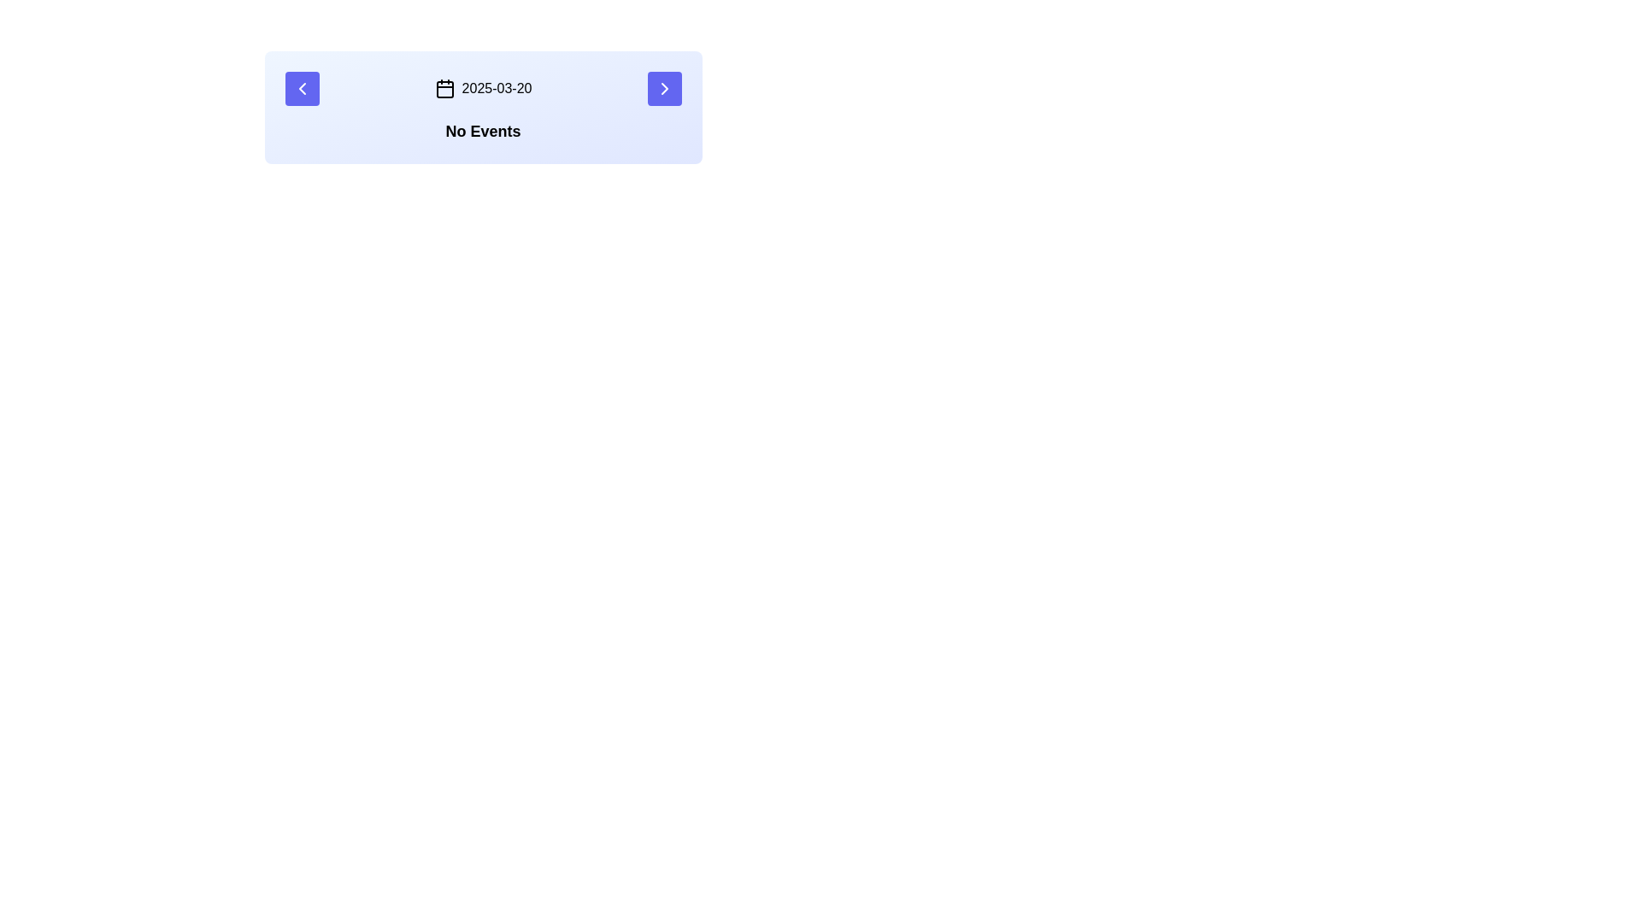 The width and height of the screenshot is (1641, 923). What do you see at coordinates (444, 89) in the screenshot?
I see `the calendar icon located to the left of the text '2025-03-20'` at bounding box center [444, 89].